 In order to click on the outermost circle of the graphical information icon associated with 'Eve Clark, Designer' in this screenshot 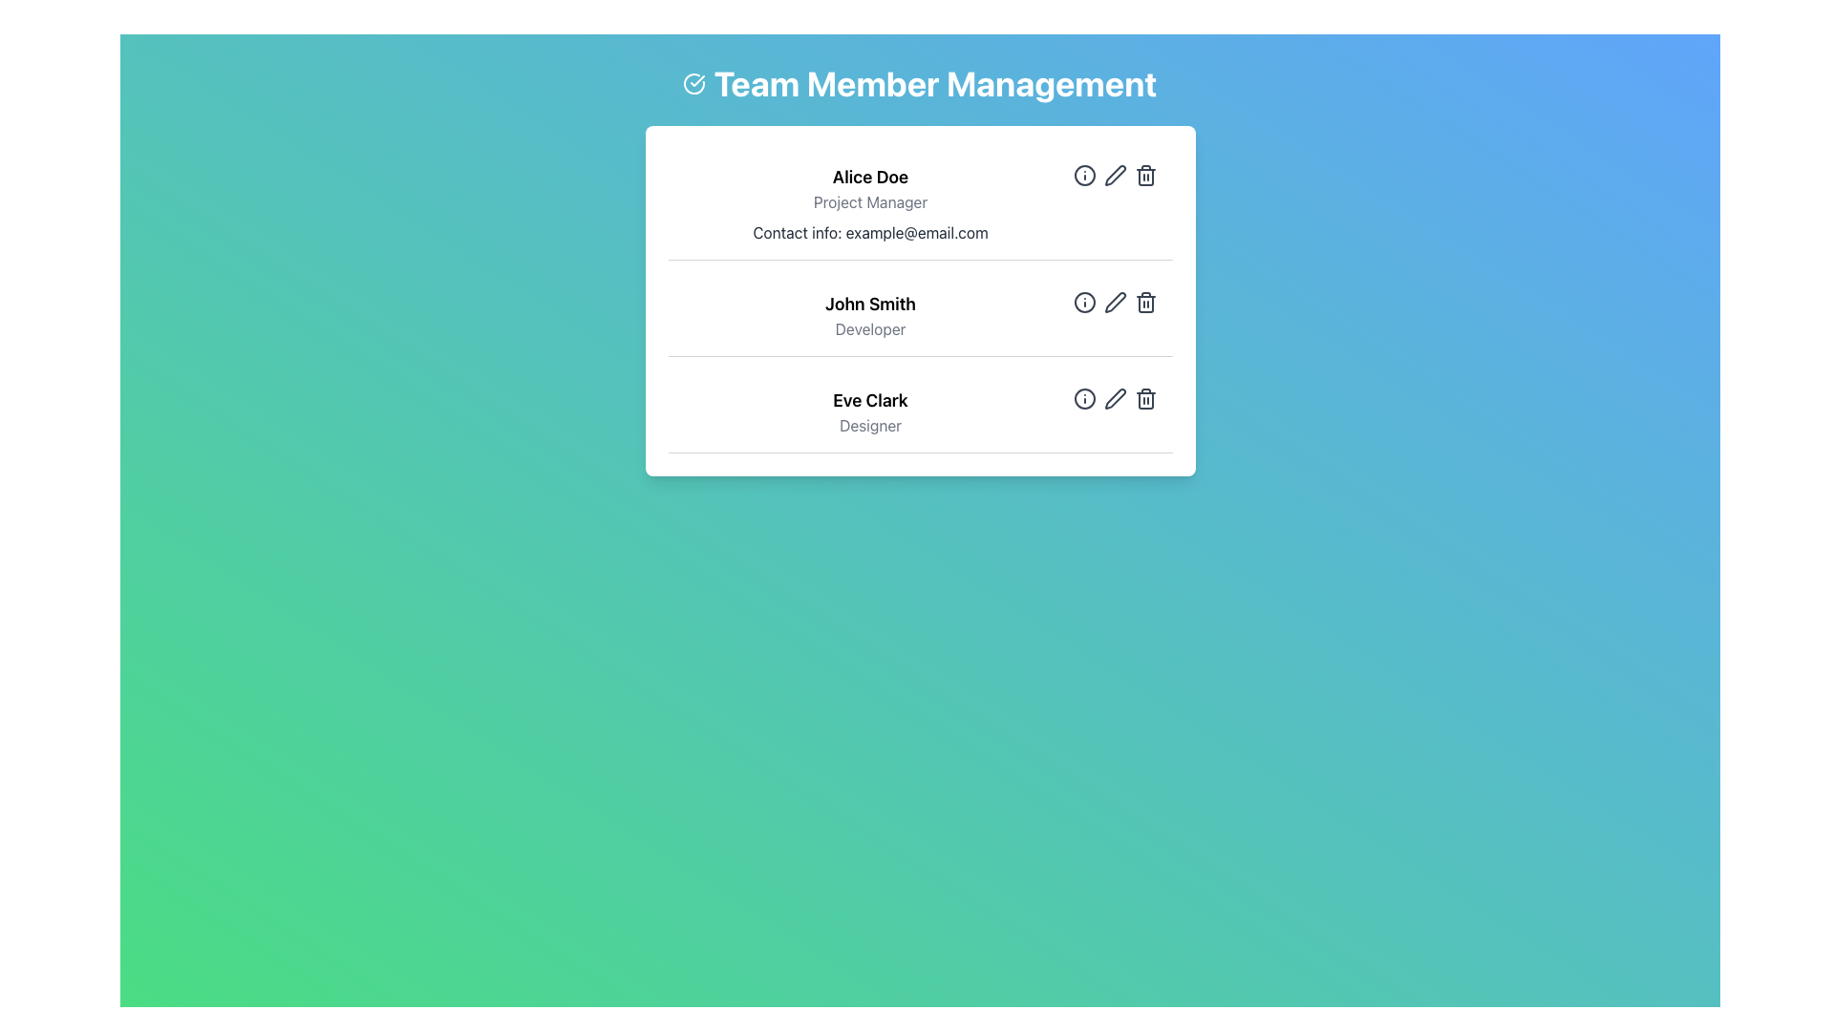, I will do `click(1084, 397)`.